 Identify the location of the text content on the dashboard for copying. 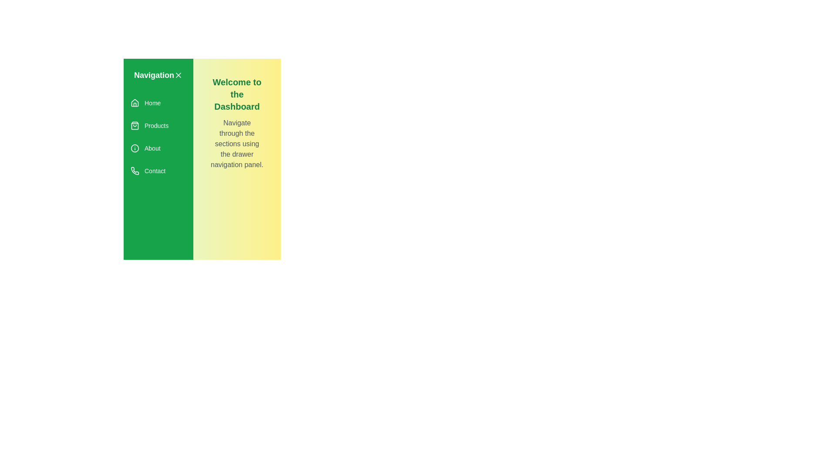
(211, 75).